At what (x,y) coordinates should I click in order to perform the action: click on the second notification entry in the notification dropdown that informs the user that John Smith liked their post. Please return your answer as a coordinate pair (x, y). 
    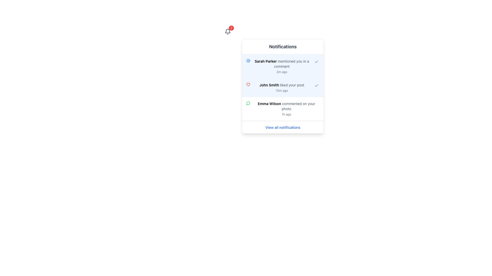
    Looking at the image, I should click on (283, 87).